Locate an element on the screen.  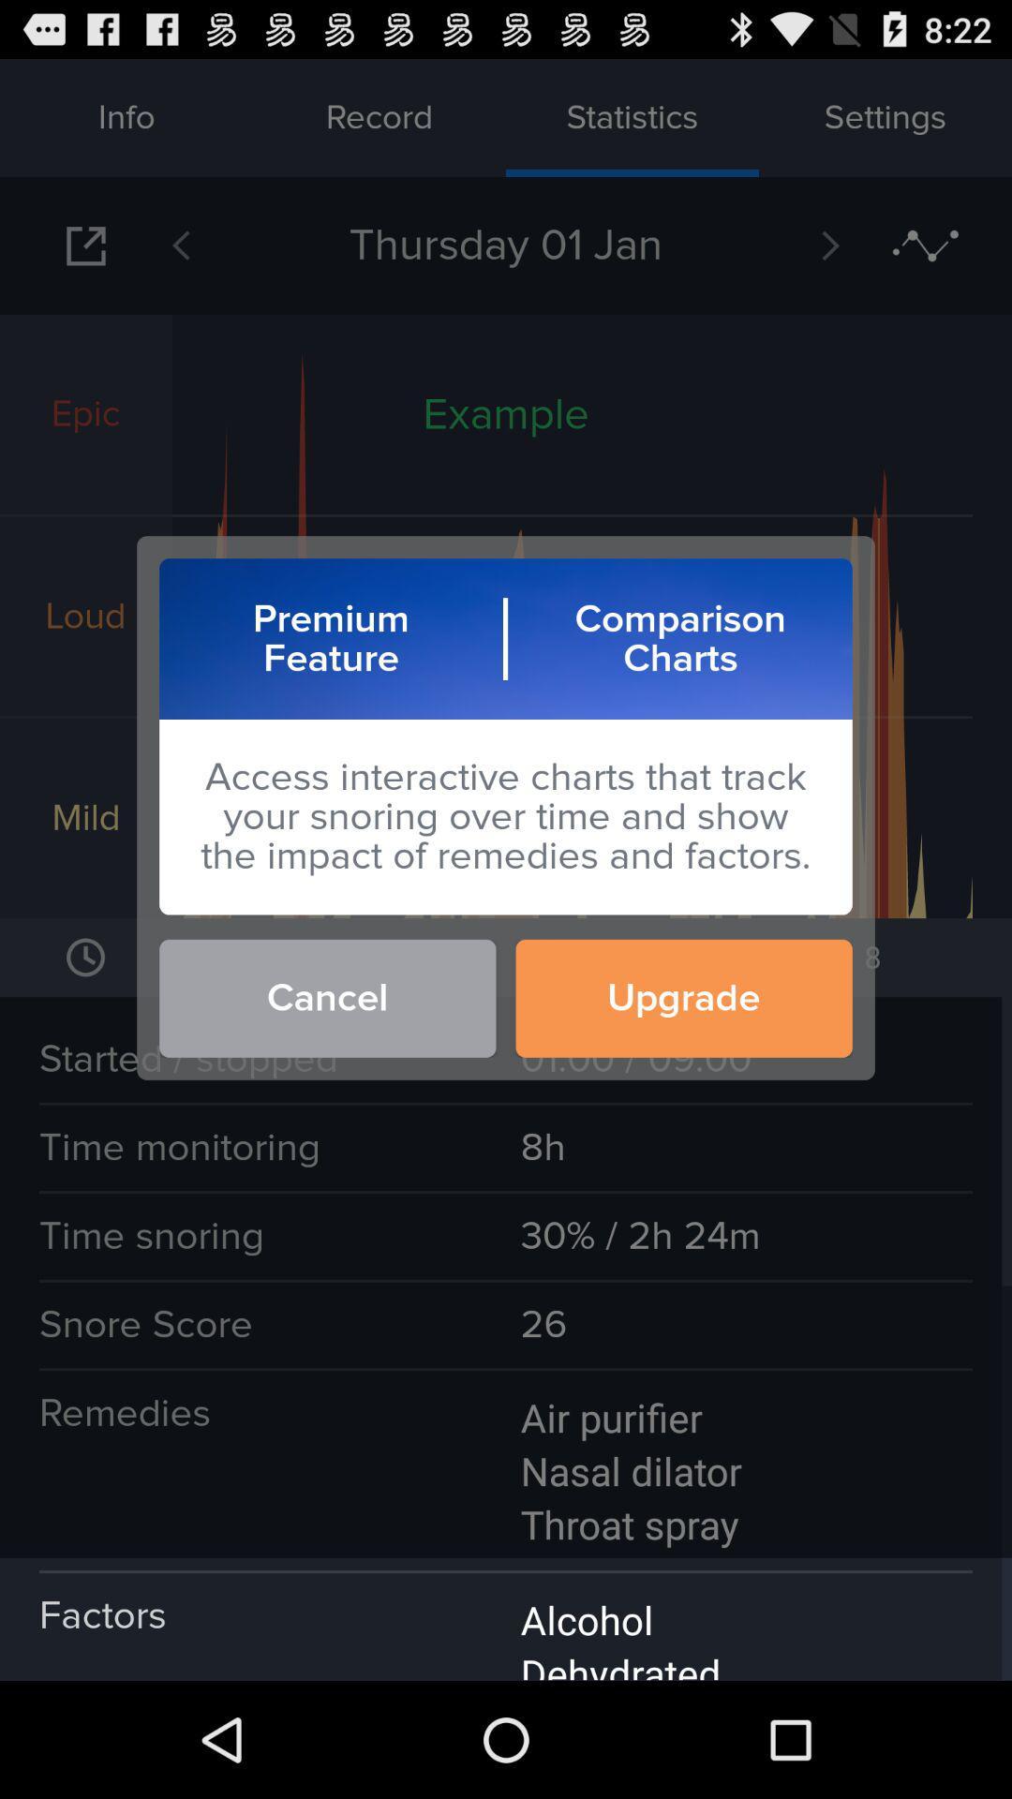
the icon to the left of upgrade button is located at coordinates (326, 997).